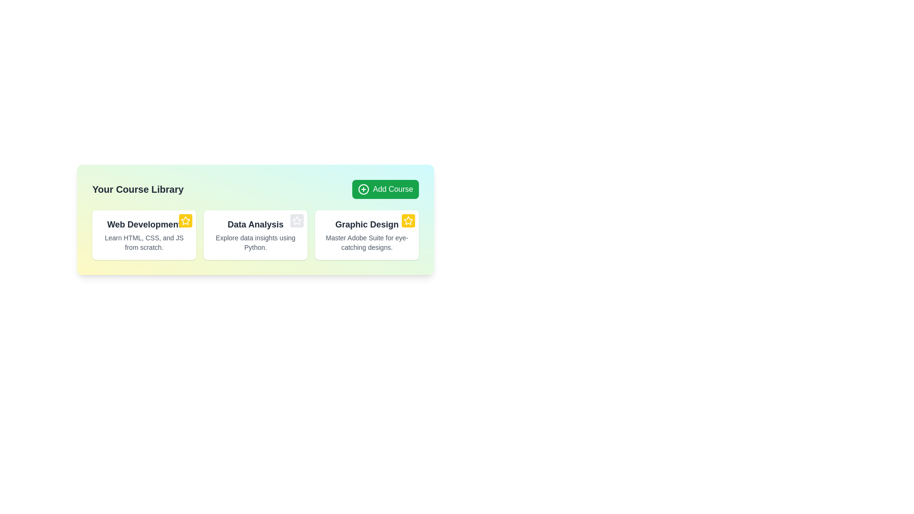  What do you see at coordinates (408, 220) in the screenshot?
I see `the star icon in the yellow-highlighted area at the top-right corner of the 'Graphic Design' tile` at bounding box center [408, 220].